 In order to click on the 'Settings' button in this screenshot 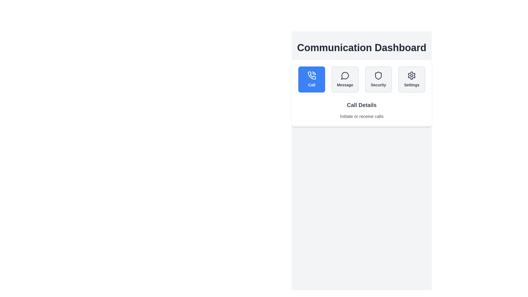, I will do `click(412, 79)`.